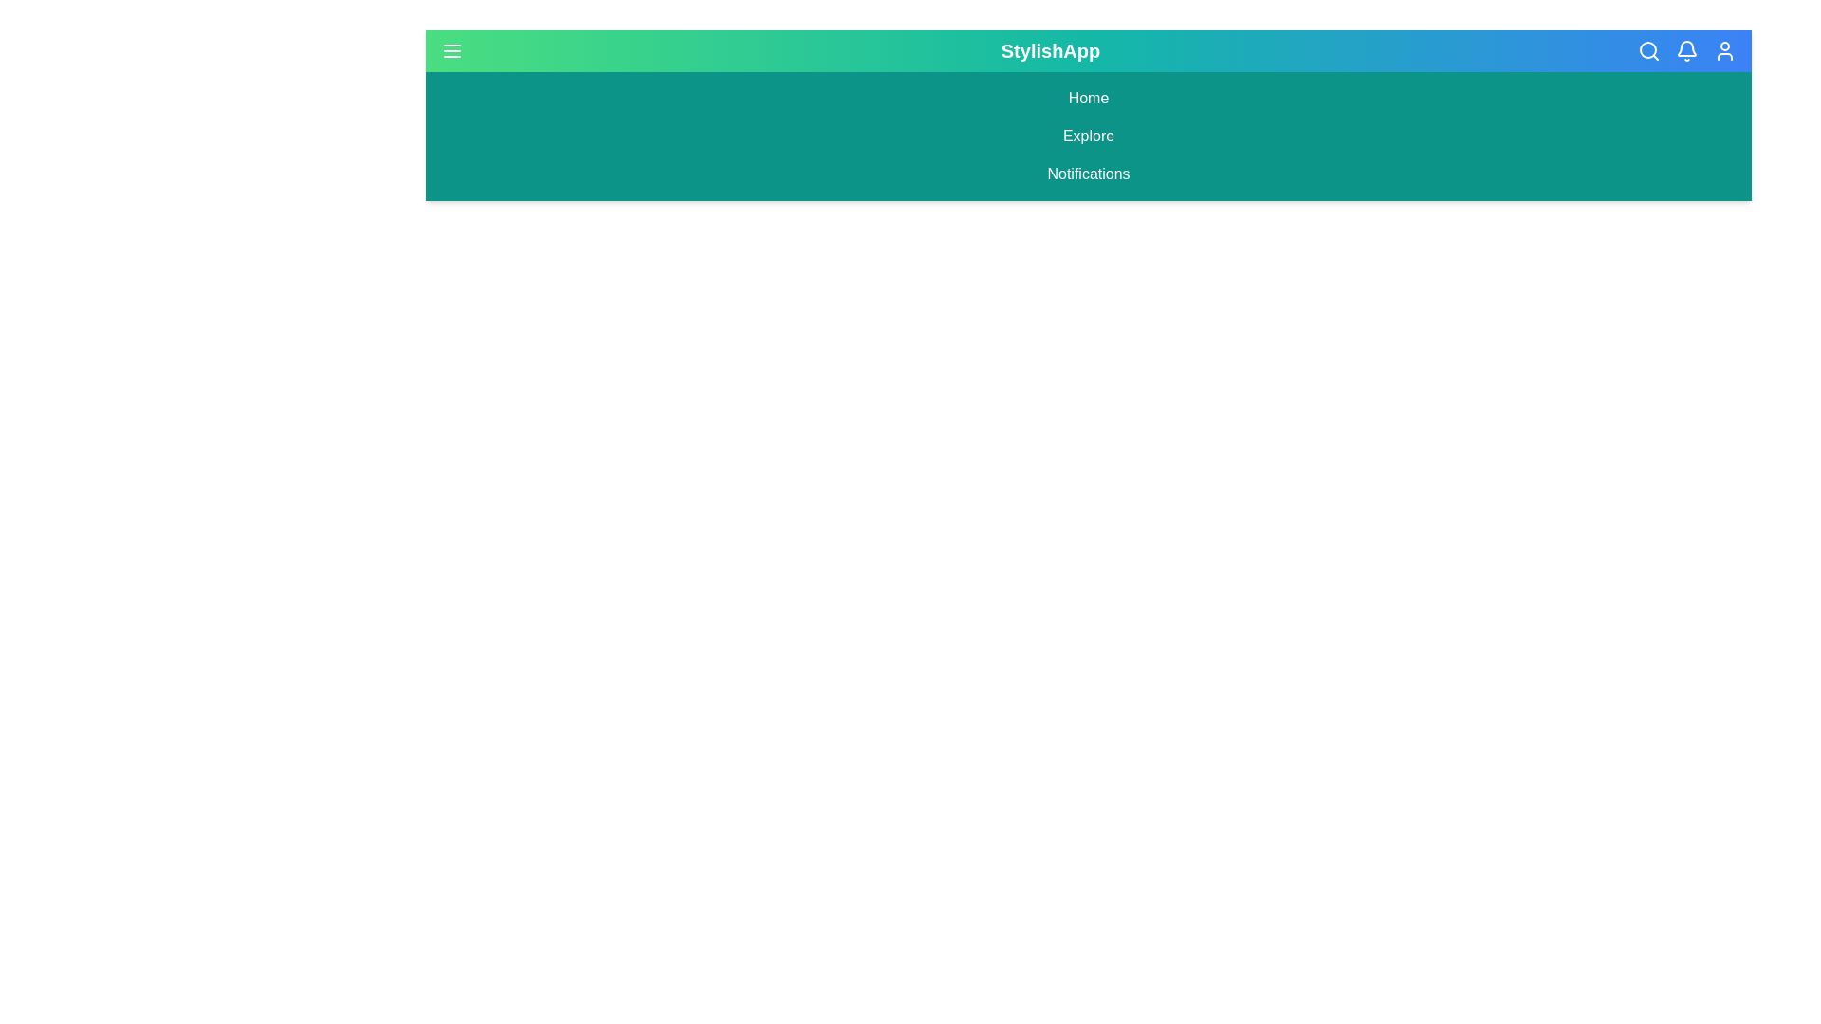 The height and width of the screenshot is (1024, 1821). I want to click on the menu icon to toggle the menu visibility, so click(451, 50).